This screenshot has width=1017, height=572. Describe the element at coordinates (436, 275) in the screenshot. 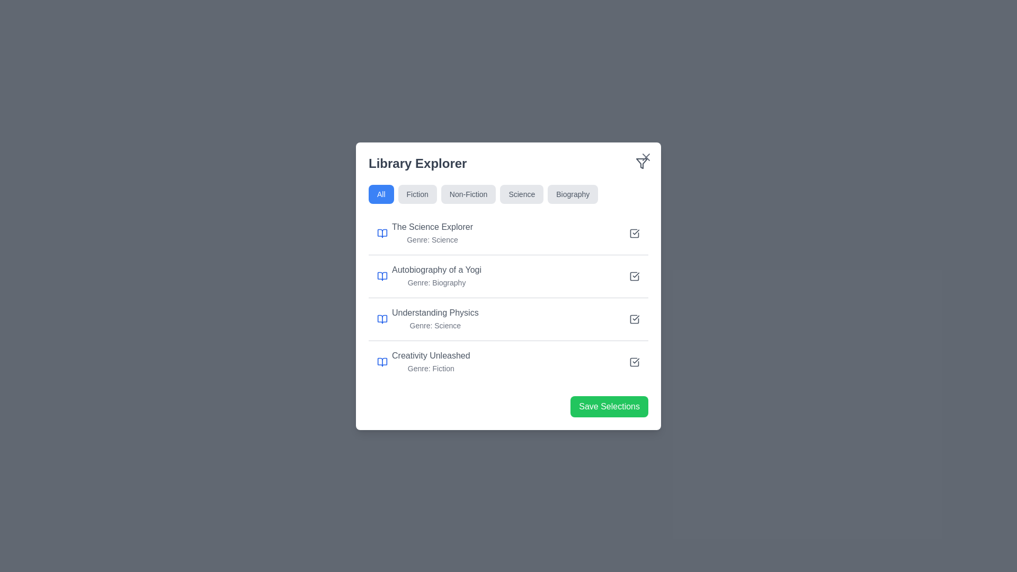

I see `the Text Display element representing a book entry in the 'Library Explorer', which is the second entry in the list, located under 'The Science Explorer' and above 'Understanding Physics'` at that location.